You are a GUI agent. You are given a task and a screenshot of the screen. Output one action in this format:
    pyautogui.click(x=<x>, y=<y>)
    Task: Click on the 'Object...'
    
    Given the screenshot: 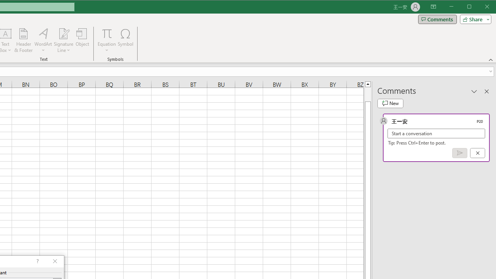 What is the action you would take?
    pyautogui.click(x=83, y=40)
    